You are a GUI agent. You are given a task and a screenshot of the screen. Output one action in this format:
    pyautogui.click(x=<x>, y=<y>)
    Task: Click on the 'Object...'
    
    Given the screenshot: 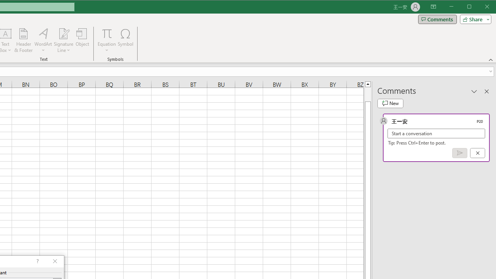 What is the action you would take?
    pyautogui.click(x=83, y=40)
    